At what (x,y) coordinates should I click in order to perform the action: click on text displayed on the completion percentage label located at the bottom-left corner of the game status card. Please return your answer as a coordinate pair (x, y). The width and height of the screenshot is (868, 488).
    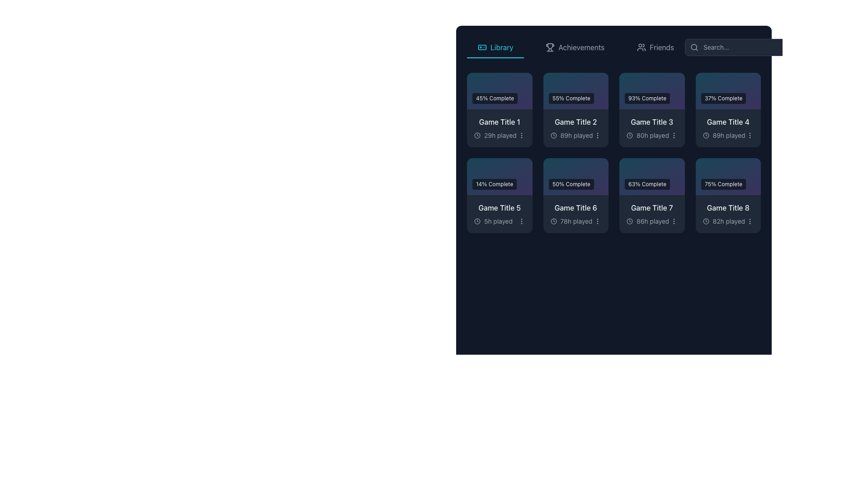
    Looking at the image, I should click on (647, 99).